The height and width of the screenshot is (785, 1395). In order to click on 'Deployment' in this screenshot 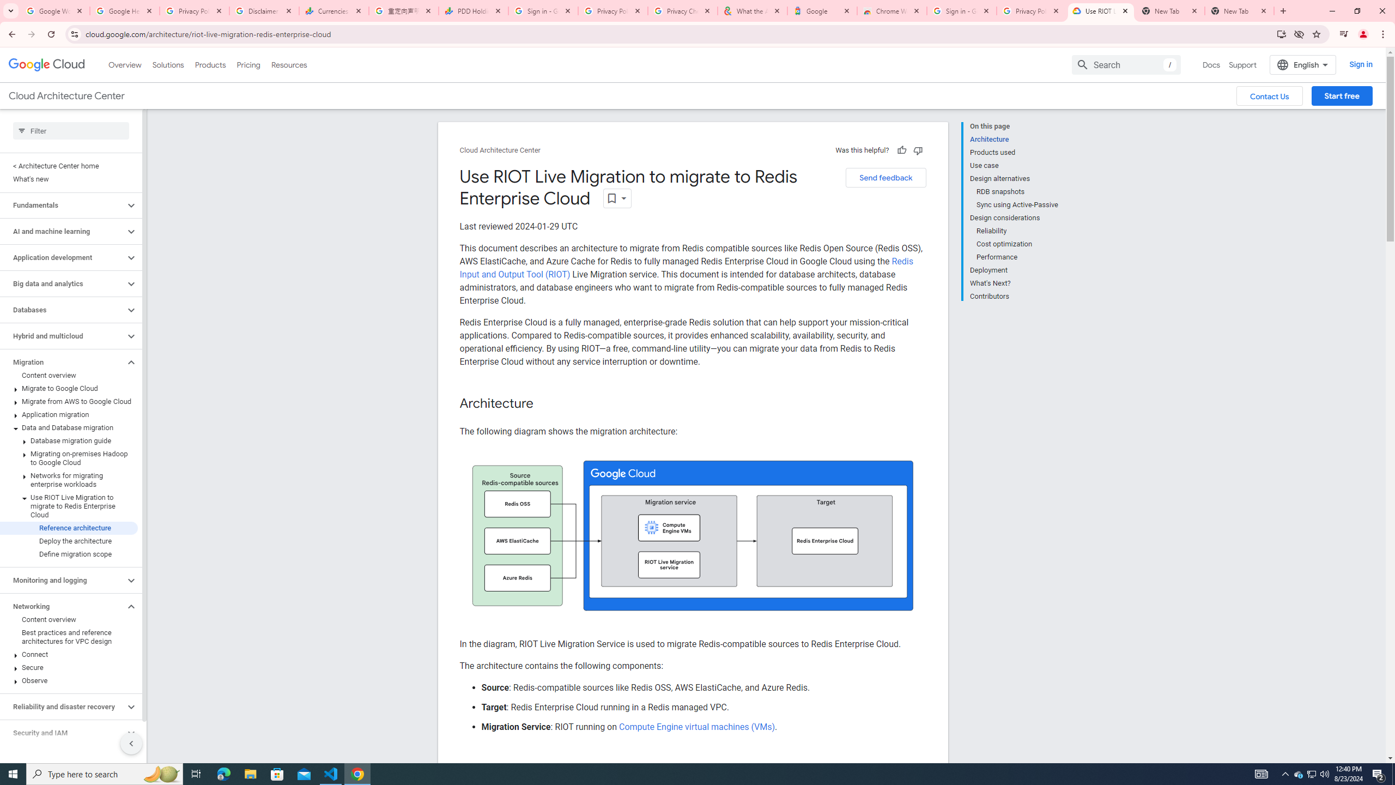, I will do `click(1014, 270)`.